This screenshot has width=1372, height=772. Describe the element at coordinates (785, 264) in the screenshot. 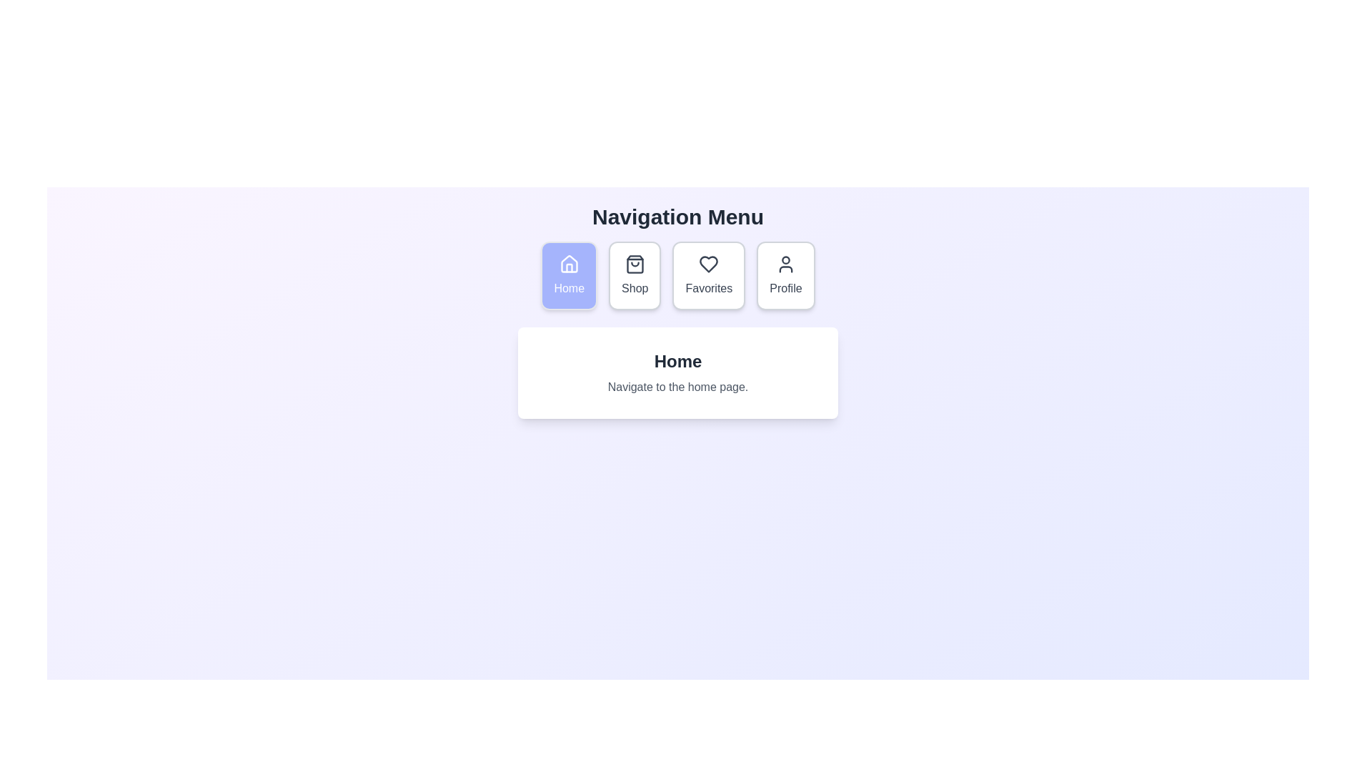

I see `the user icon located in the top right corner of the navigation menu within the 'Profile' card, which features a circular head and a partial rectangular body outline` at that location.